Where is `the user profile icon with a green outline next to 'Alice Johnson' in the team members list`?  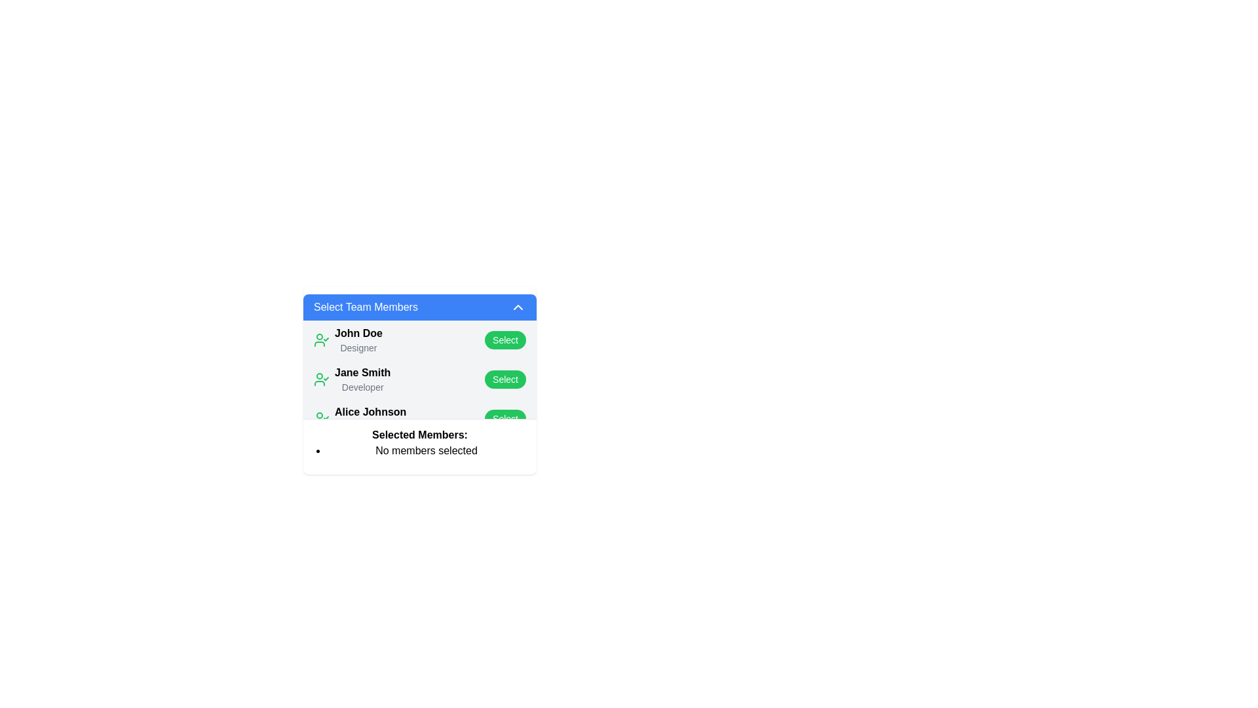
the user profile icon with a green outline next to 'Alice Johnson' in the team members list is located at coordinates (321, 419).